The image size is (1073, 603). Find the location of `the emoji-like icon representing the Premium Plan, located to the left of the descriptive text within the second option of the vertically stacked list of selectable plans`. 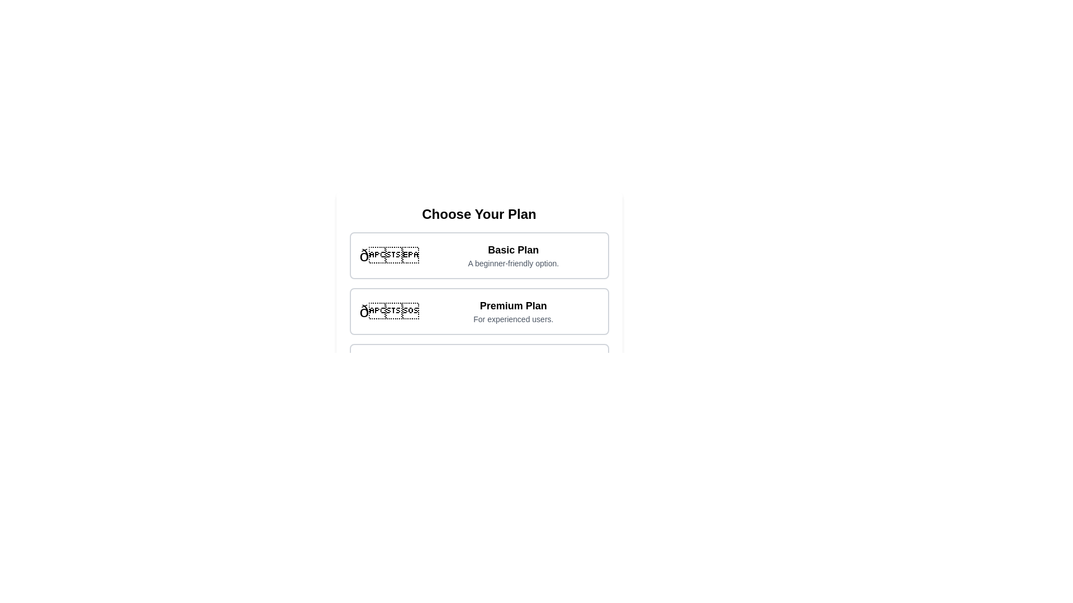

the emoji-like icon representing the Premium Plan, located to the left of the descriptive text within the second option of the vertically stacked list of selectable plans is located at coordinates (389, 312).